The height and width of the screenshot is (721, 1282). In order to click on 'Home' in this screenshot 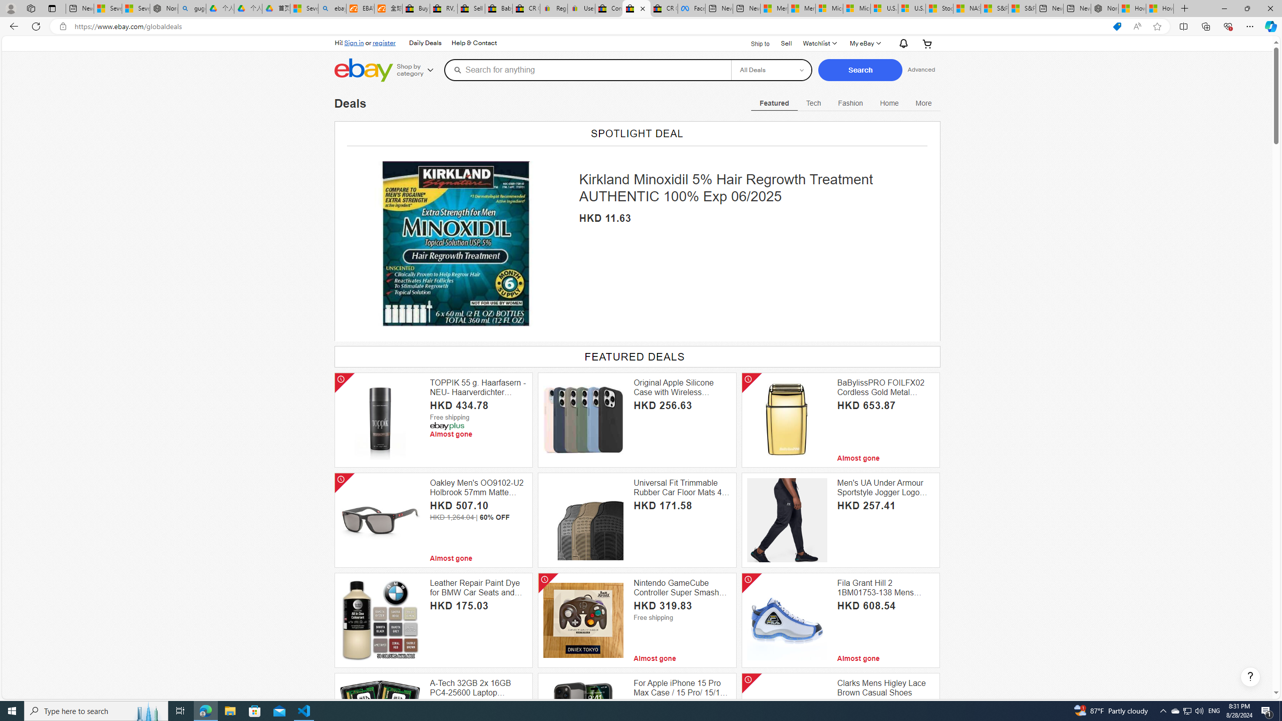, I will do `click(889, 102)`.